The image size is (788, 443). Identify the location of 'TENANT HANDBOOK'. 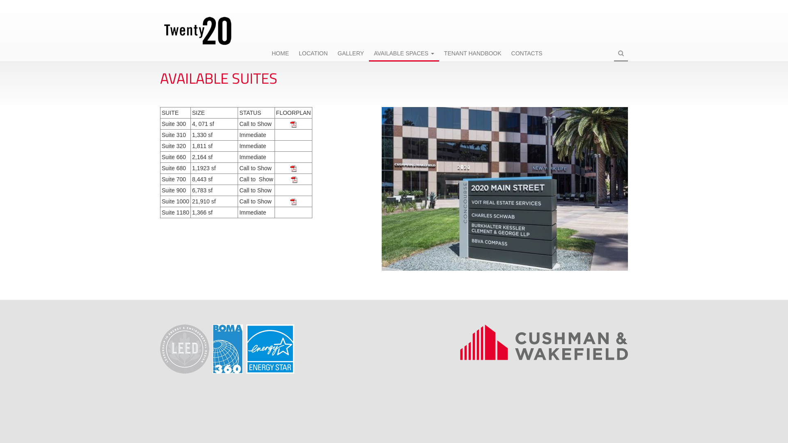
(473, 54).